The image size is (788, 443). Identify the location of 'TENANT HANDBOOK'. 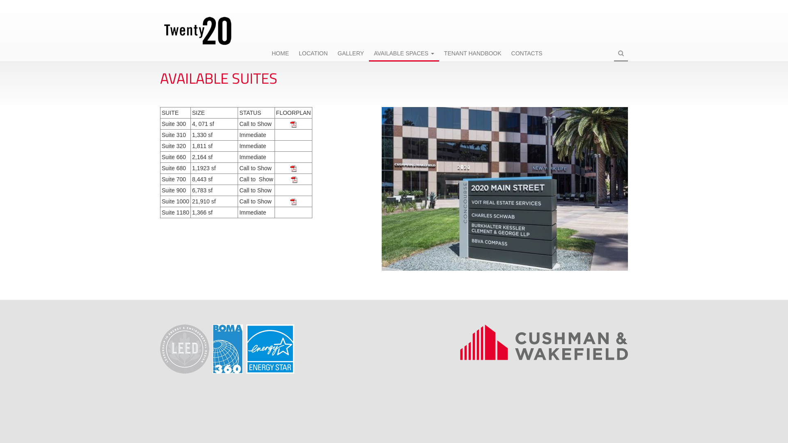
(473, 54).